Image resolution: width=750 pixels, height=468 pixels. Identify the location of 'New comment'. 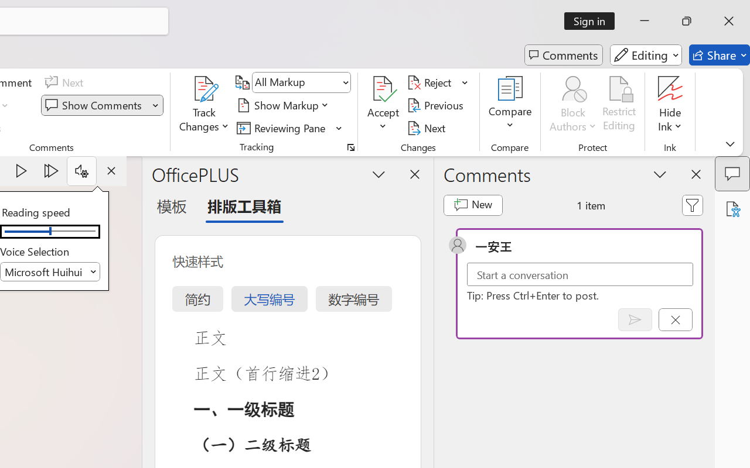
(473, 205).